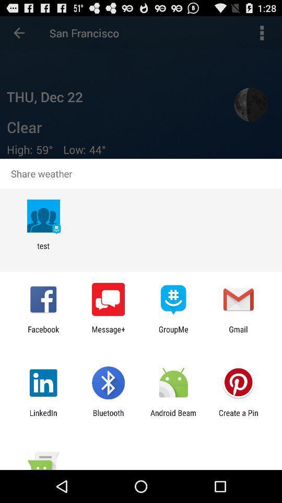 This screenshot has width=282, height=503. I want to click on app to the left of groupme item, so click(108, 333).